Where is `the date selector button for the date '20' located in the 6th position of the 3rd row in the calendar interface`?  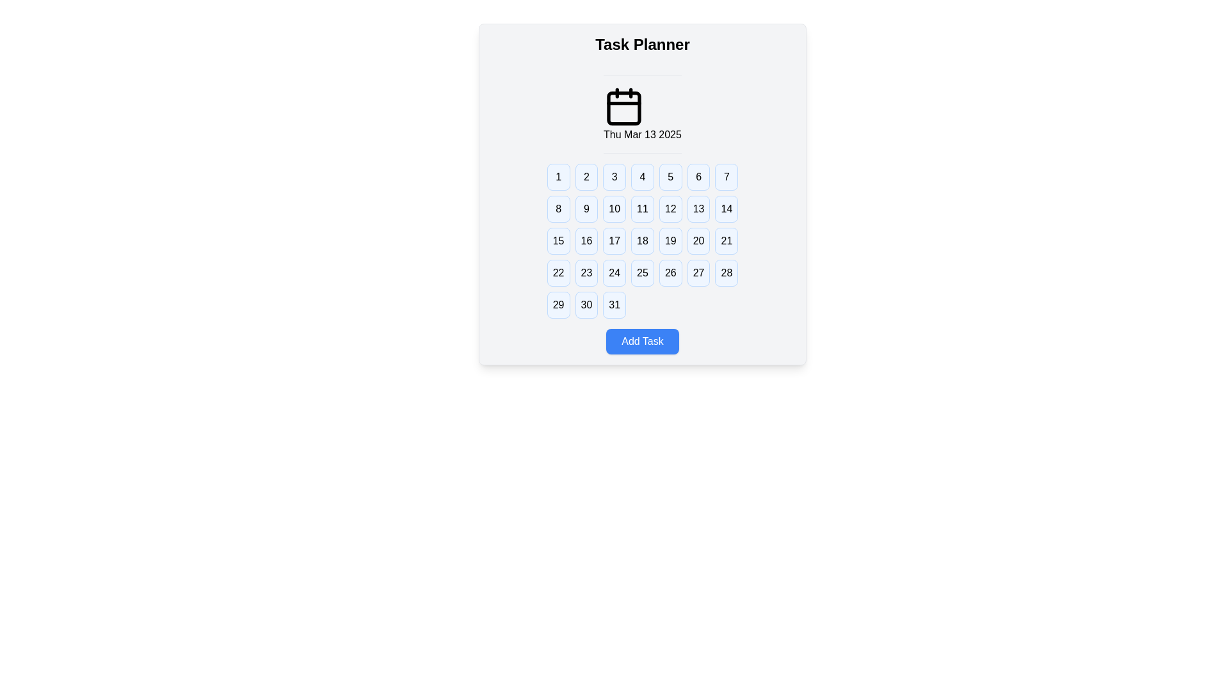
the date selector button for the date '20' located in the 6th position of the 3rd row in the calendar interface is located at coordinates (698, 241).